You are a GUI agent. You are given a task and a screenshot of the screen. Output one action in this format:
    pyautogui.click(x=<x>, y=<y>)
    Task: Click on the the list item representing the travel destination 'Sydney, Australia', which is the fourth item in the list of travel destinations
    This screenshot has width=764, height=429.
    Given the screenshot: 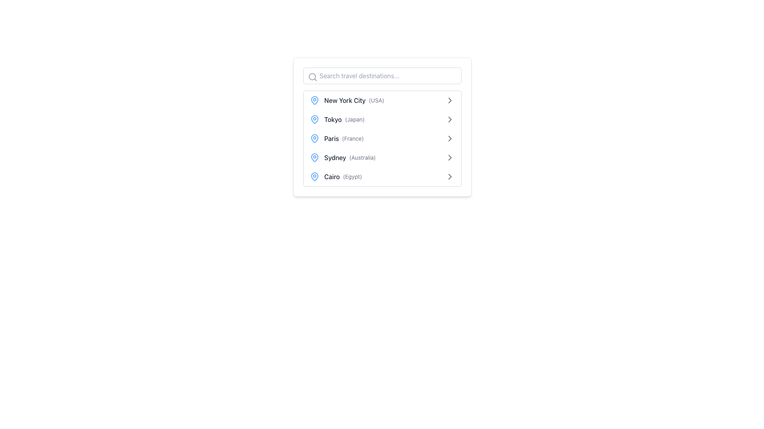 What is the action you would take?
    pyautogui.click(x=343, y=158)
    